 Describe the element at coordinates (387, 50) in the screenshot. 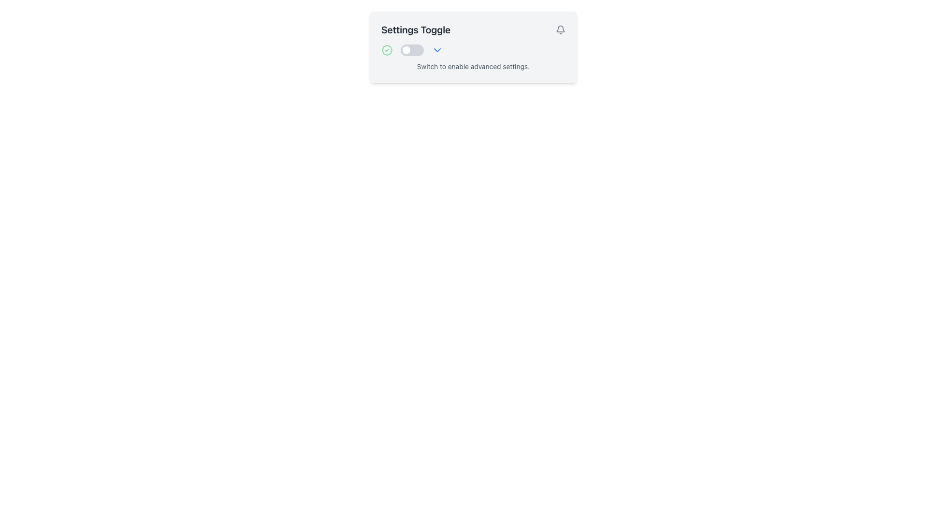

I see `the circular outline with a greenish hue that surrounds a checkmark graphic, which is part of a badge-check SVG icon located in the header section above the 'Settings Toggle' title` at that location.